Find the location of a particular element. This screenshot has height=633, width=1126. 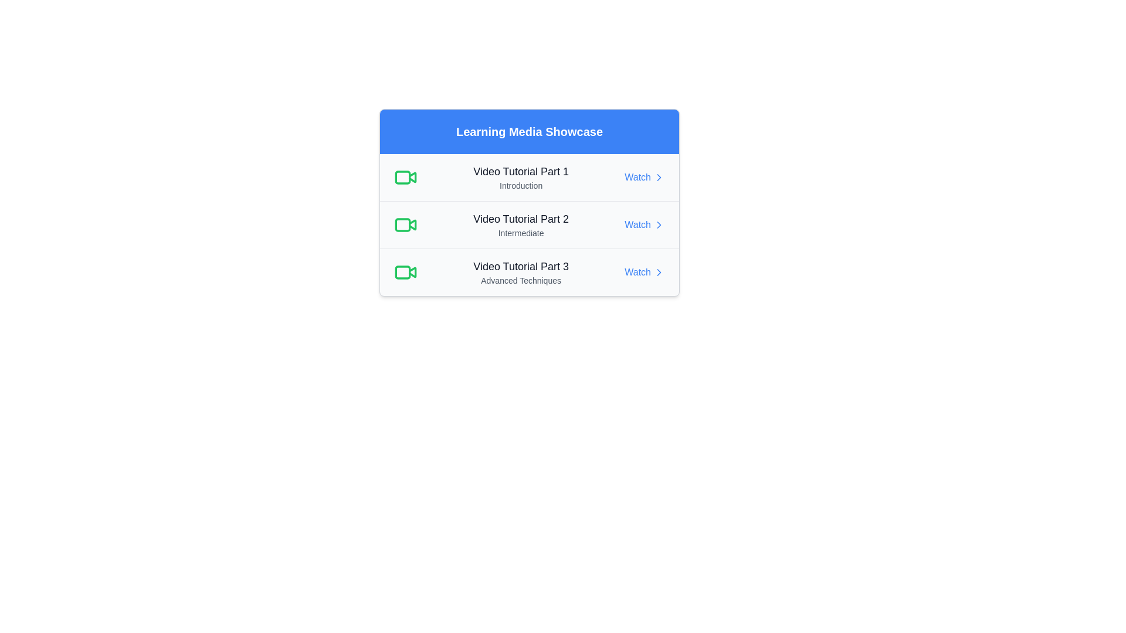

the Chevron Right icon located to the right of the 'Watch' button for the third listed video item under 'Video Tutorial Part 3: Advanced Techniques' is located at coordinates (659, 273).